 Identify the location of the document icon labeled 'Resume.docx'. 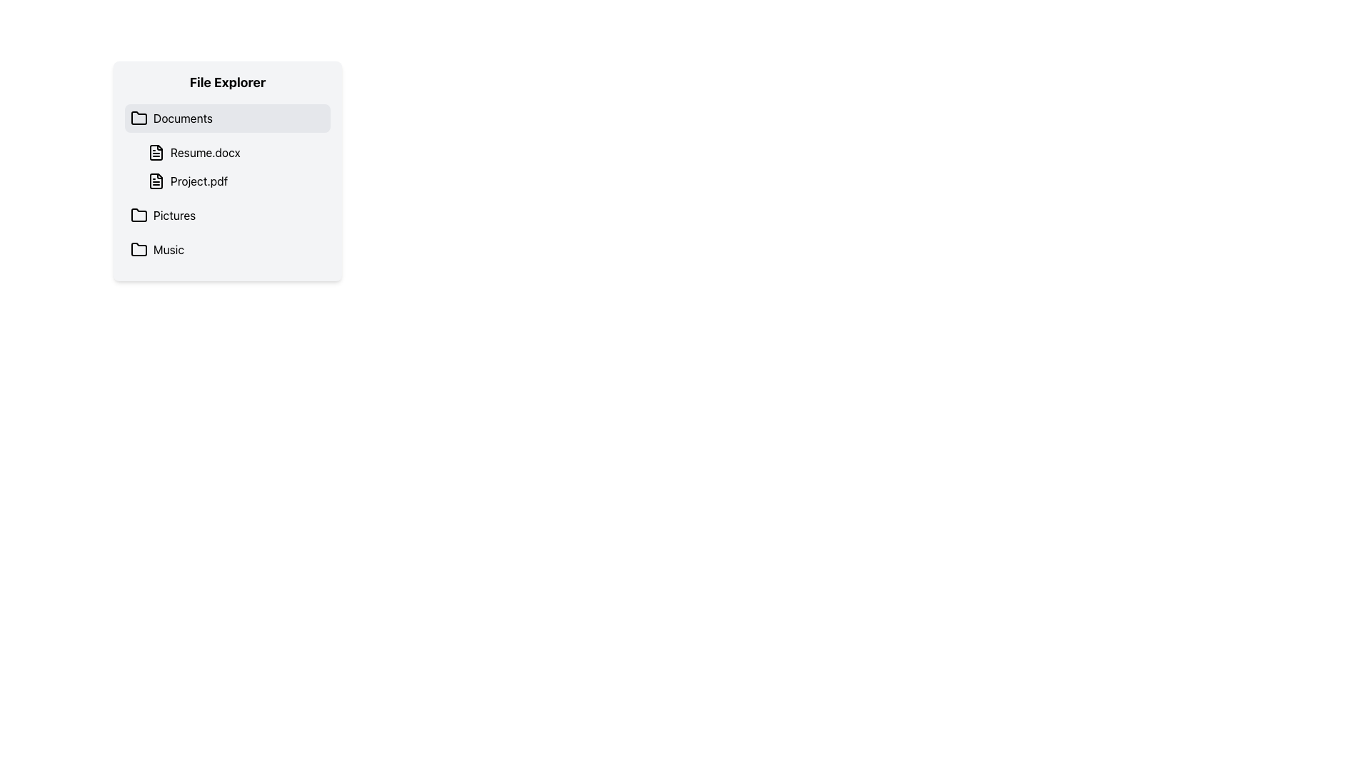
(156, 152).